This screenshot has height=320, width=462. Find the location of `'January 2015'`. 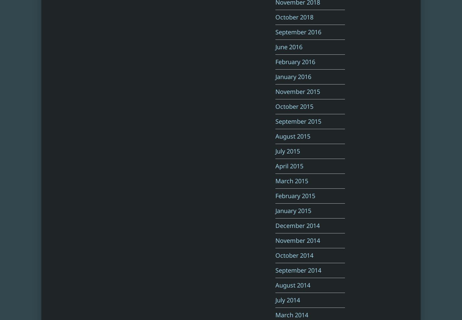

'January 2015' is located at coordinates (293, 211).